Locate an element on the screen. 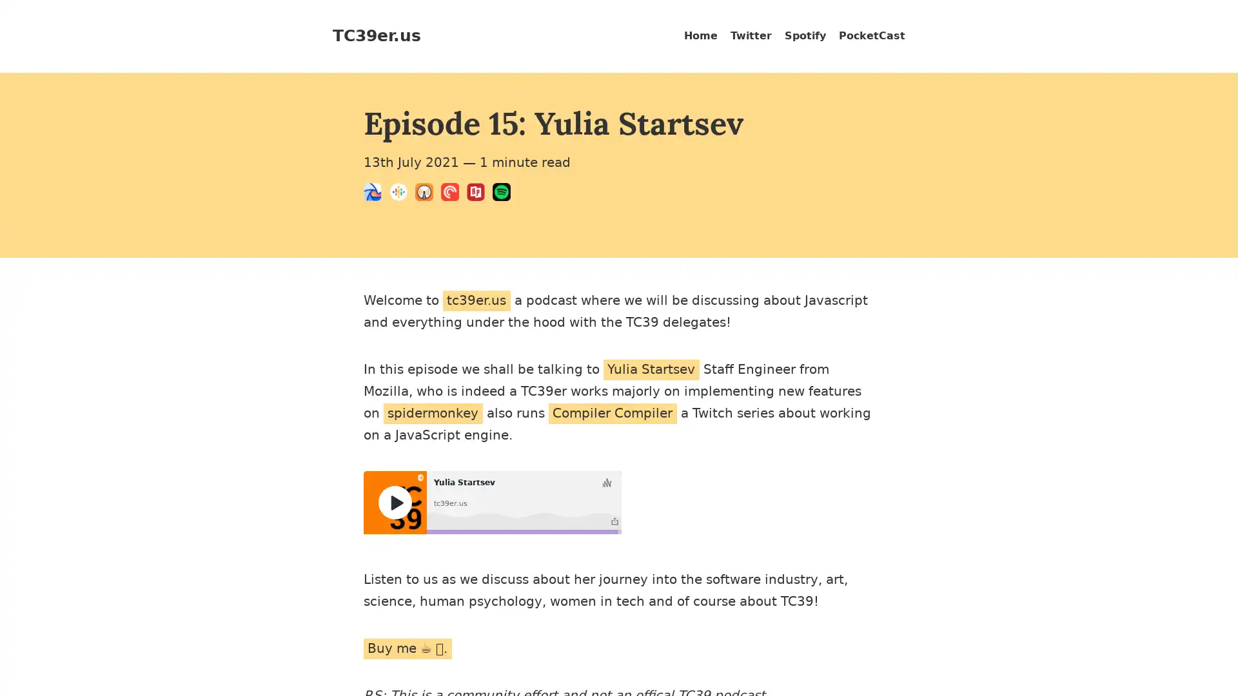 The image size is (1238, 696). Overcast Logo is located at coordinates (427, 194).